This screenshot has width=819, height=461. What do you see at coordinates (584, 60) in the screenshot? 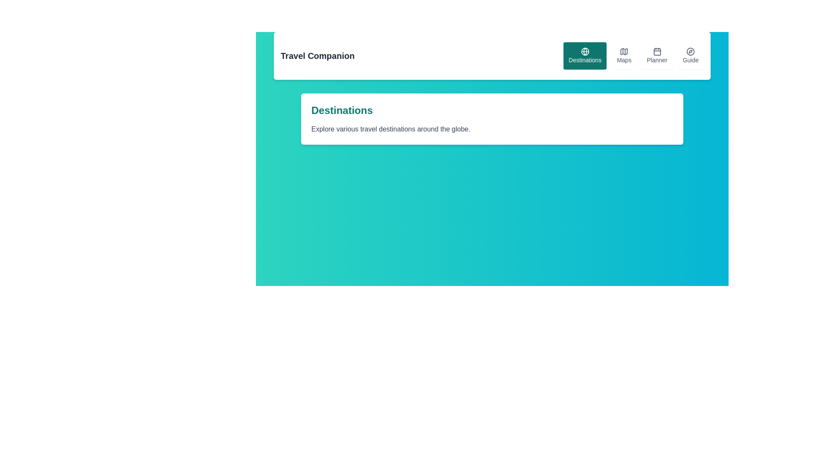
I see `the 'Destinations' text label within the navigation button located` at bounding box center [584, 60].